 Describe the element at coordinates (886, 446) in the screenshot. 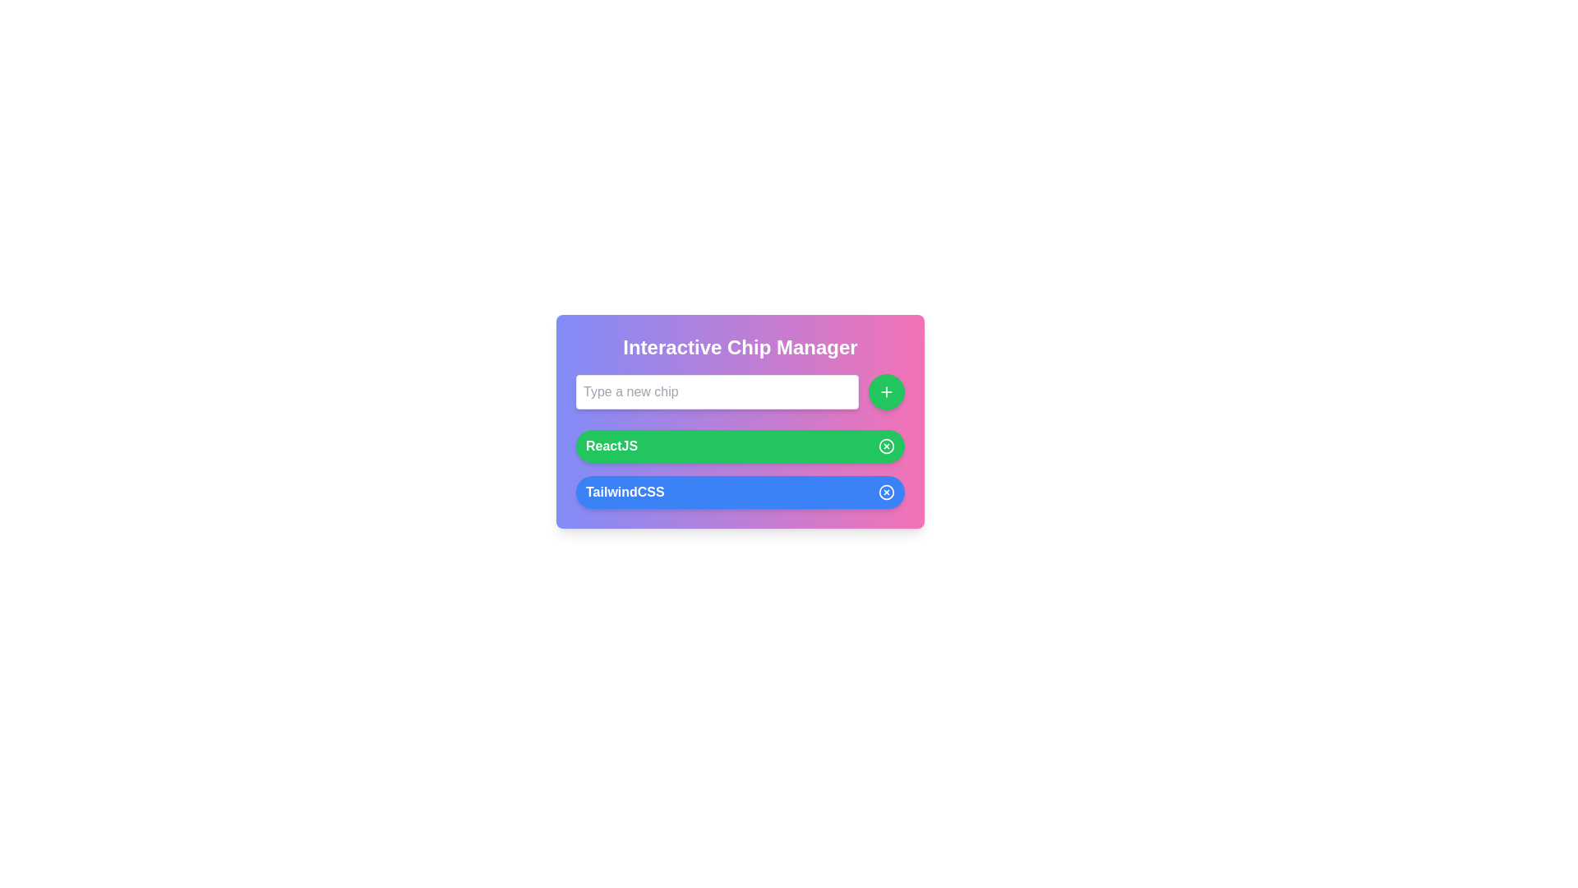

I see `the vector graphic component that resembles a button, located at the right end of the green bar associated with the 'ReactJS' label in the 'Interactive Chip Manager'` at that location.